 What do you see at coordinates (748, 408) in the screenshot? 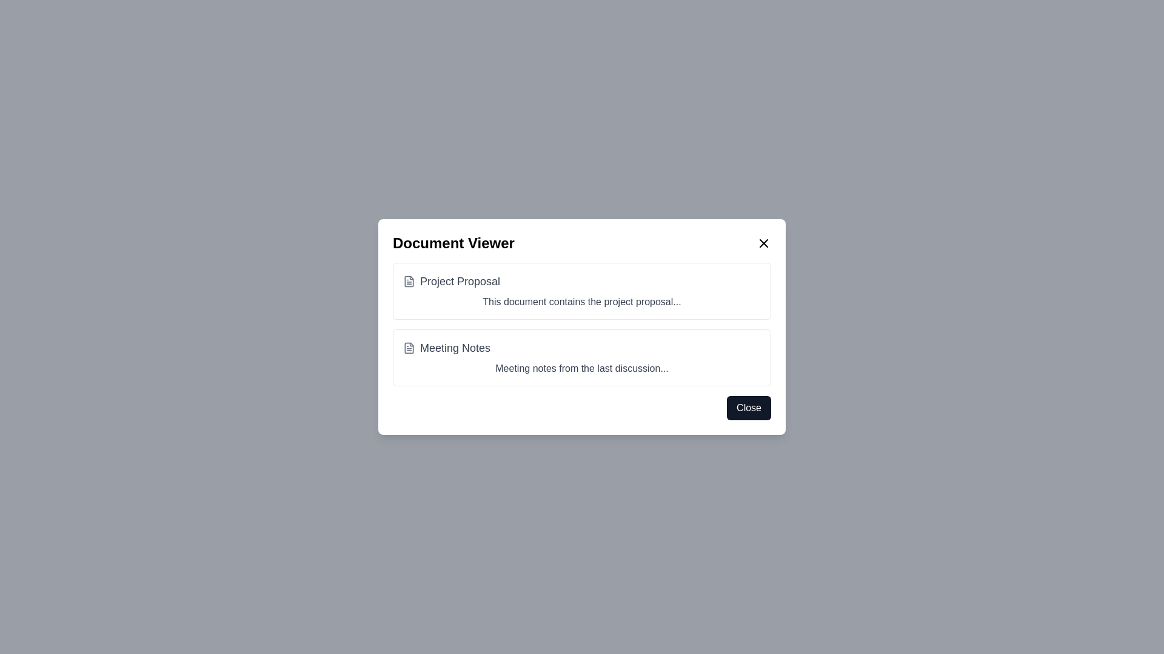
I see `the close button located at the lower-right corner of the modal dialog box to observe the color change` at bounding box center [748, 408].